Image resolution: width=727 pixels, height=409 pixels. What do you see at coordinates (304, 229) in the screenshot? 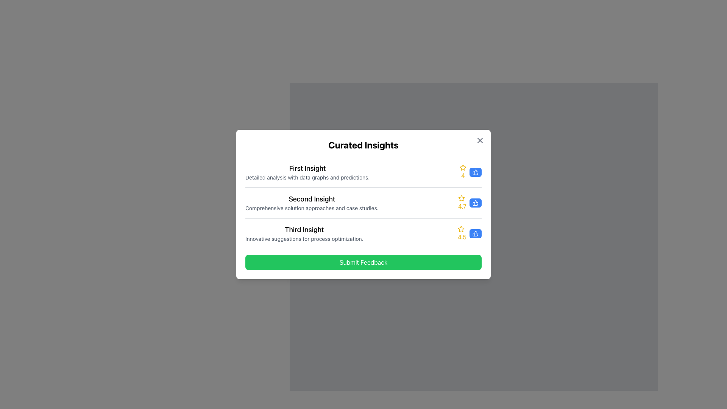
I see `the text label indicating the third insight in the list, which is positioned centrally above the 'Submit Feedback' button` at bounding box center [304, 229].